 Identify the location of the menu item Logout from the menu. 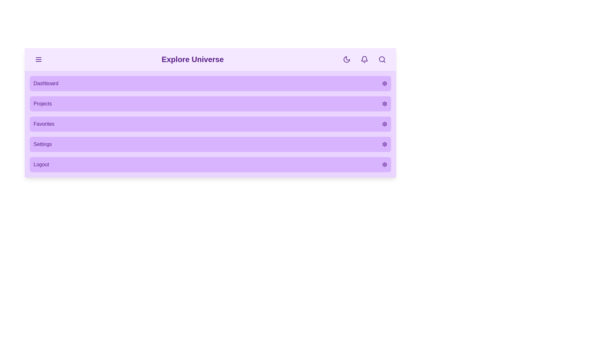
(210, 164).